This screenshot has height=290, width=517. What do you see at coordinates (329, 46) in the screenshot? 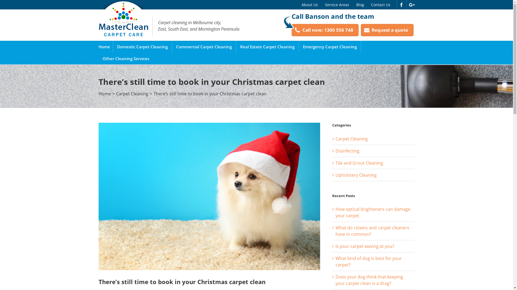
I see `'Emergency Carpet Cleaning'` at bounding box center [329, 46].